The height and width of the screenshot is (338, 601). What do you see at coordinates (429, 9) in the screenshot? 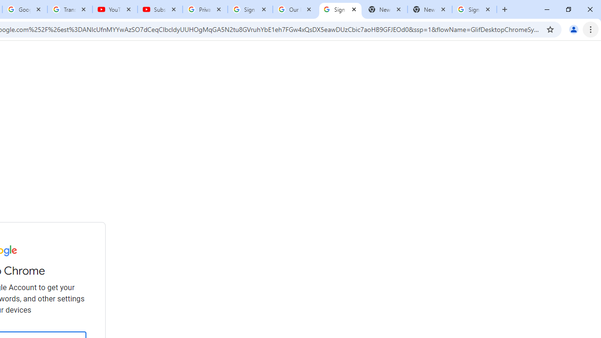
I see `'New Tab'` at bounding box center [429, 9].